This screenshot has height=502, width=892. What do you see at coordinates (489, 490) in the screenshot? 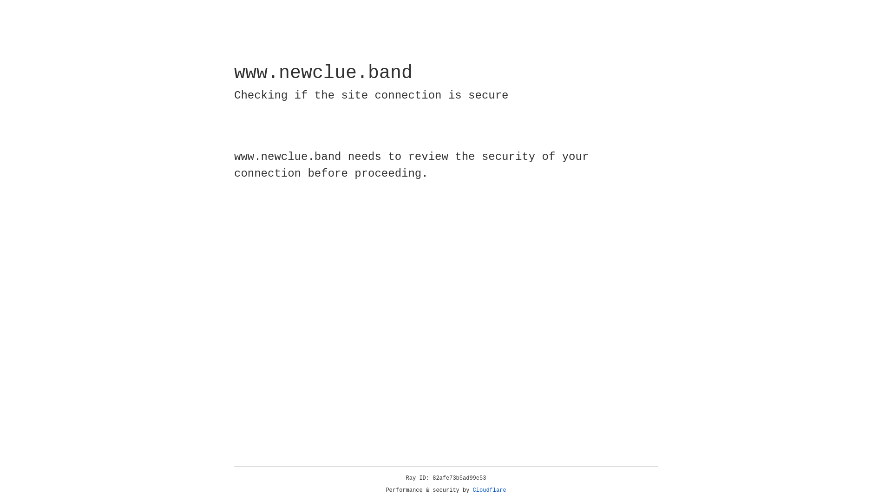
I see `'Cloudflare'` at bounding box center [489, 490].